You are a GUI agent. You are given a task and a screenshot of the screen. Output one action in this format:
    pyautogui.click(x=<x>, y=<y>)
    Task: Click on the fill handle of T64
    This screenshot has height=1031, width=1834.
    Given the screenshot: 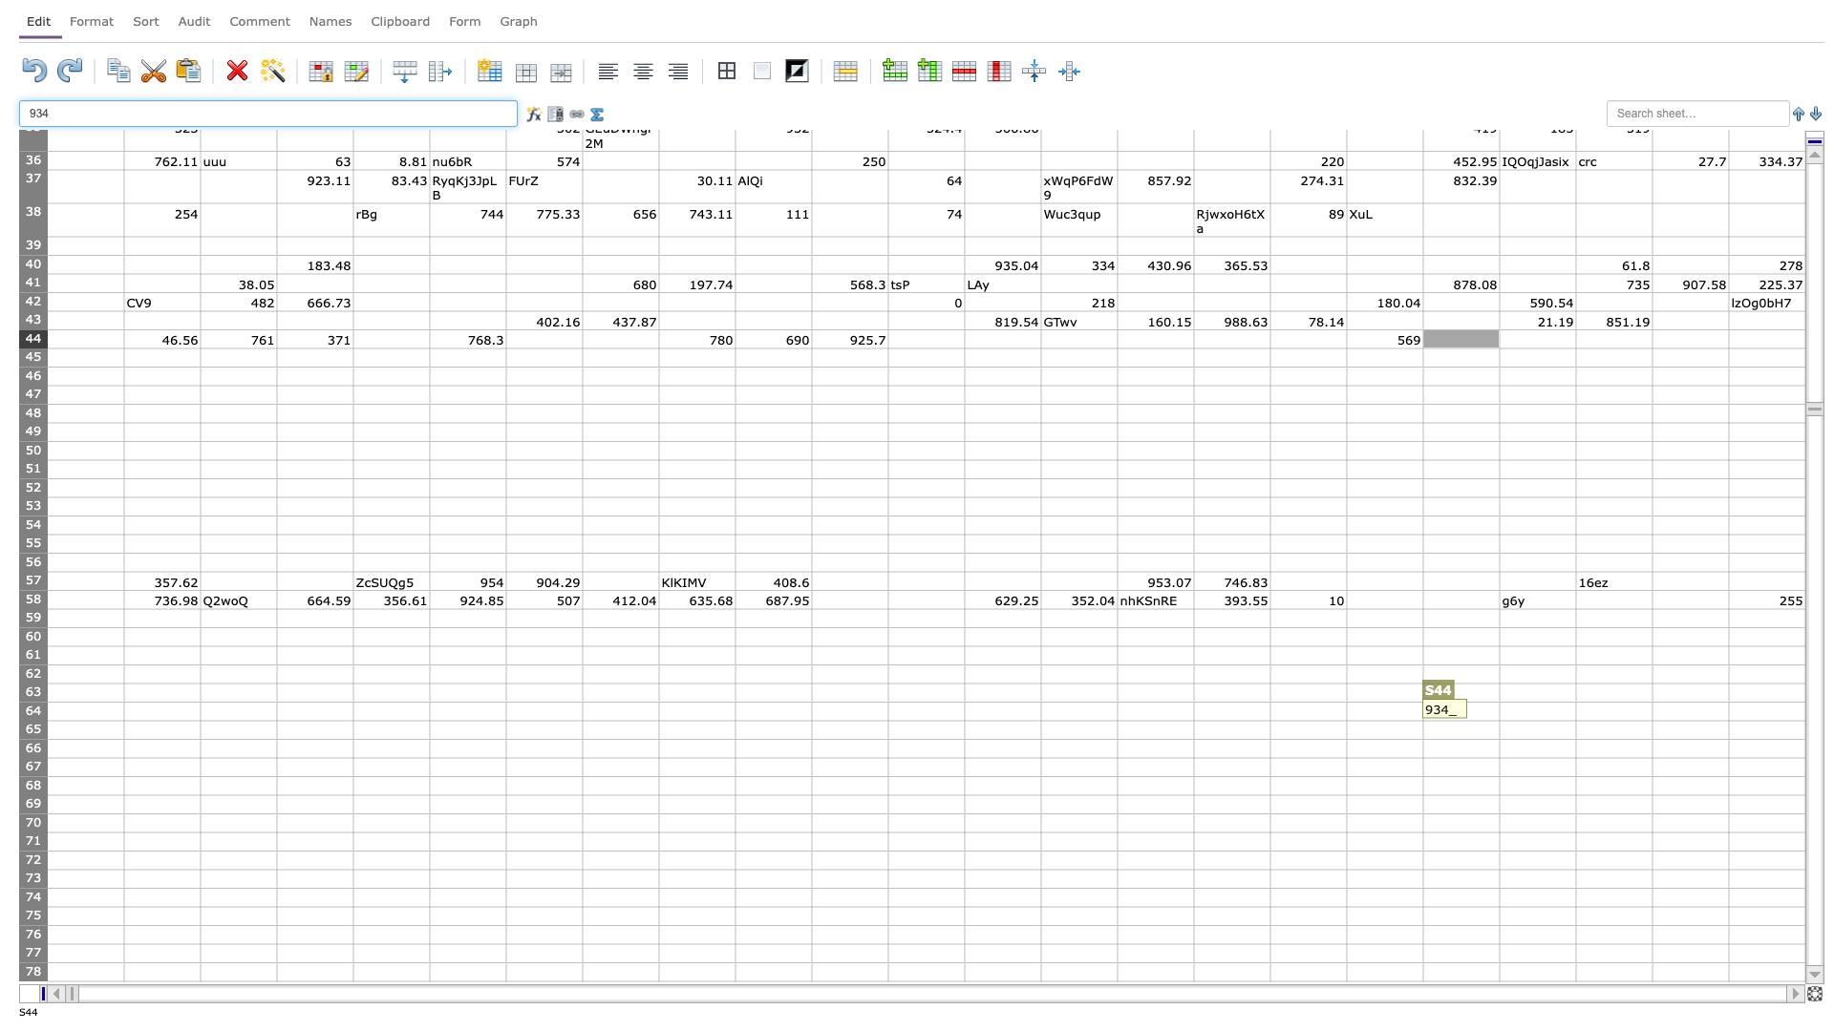 What is the action you would take?
    pyautogui.click(x=1576, y=721)
    